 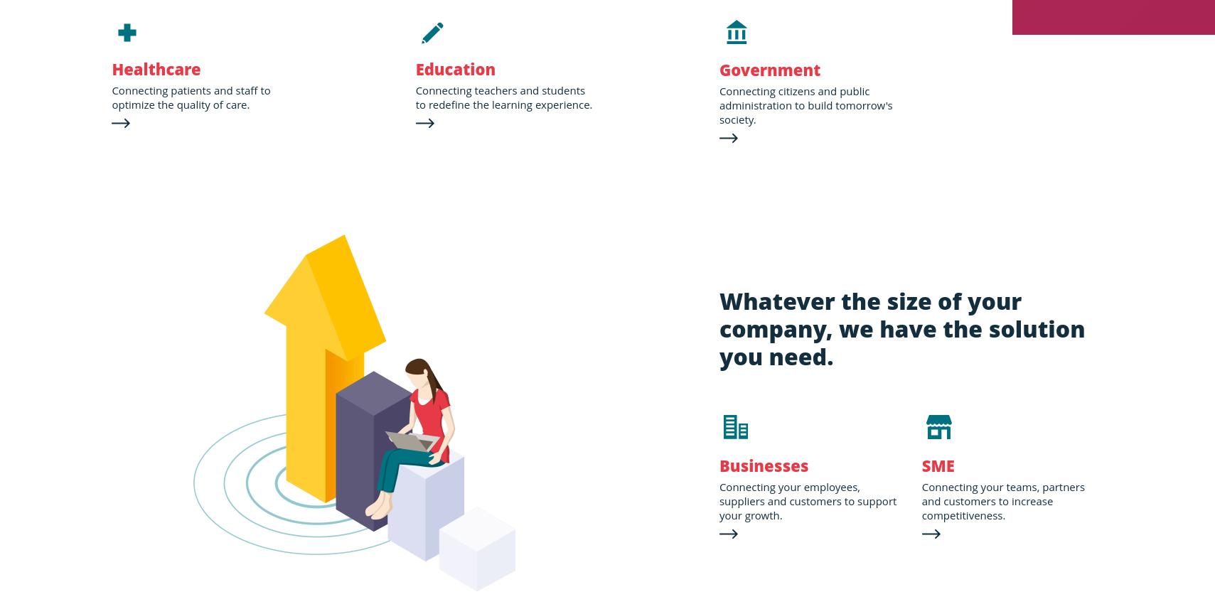 What do you see at coordinates (503, 97) in the screenshot?
I see `'Connecting teachers and students to redefine the learning experience.'` at bounding box center [503, 97].